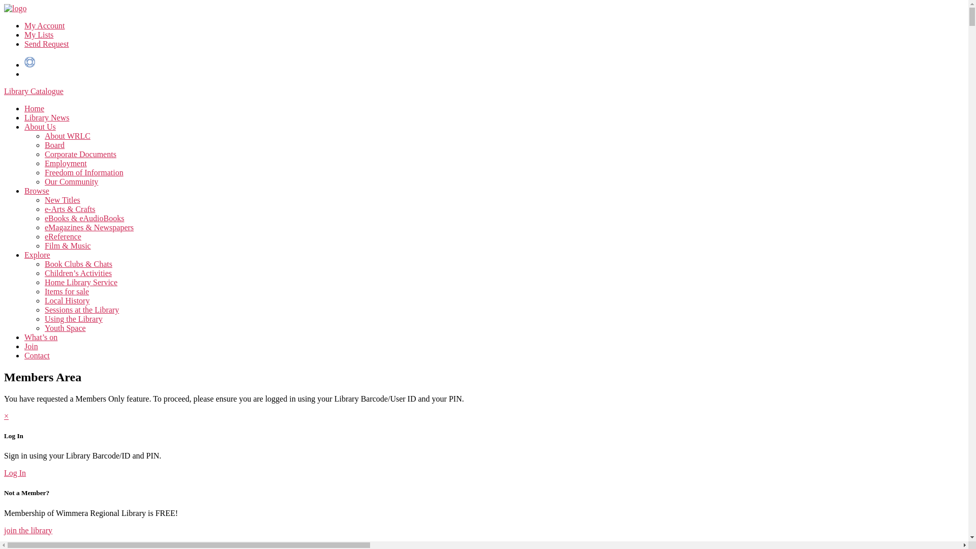 The image size is (976, 549). I want to click on 'Corporate Documents', so click(80, 154).